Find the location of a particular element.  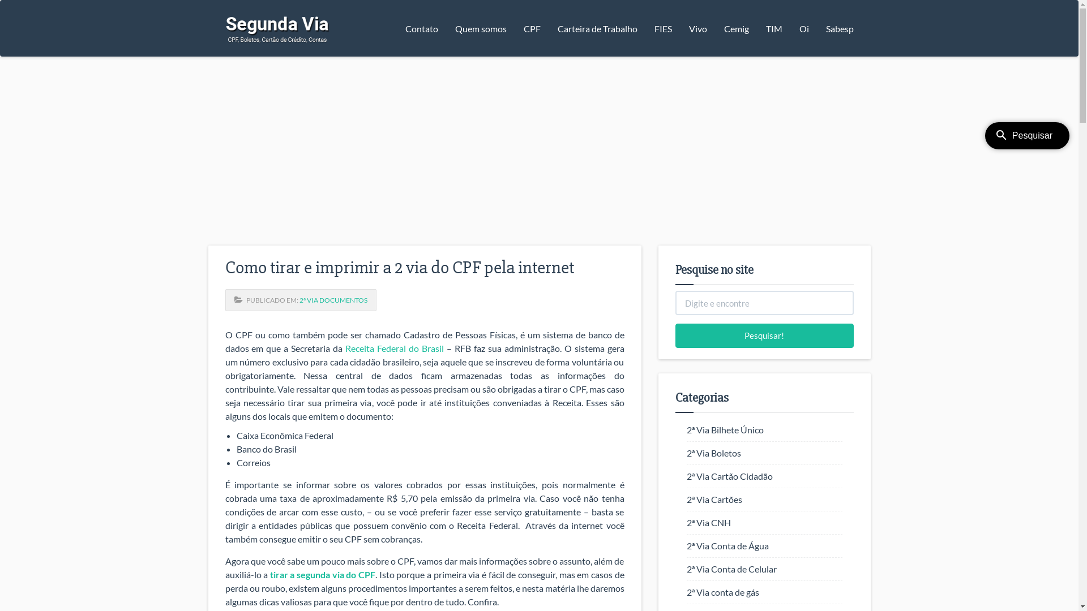

'TIM' is located at coordinates (773, 28).